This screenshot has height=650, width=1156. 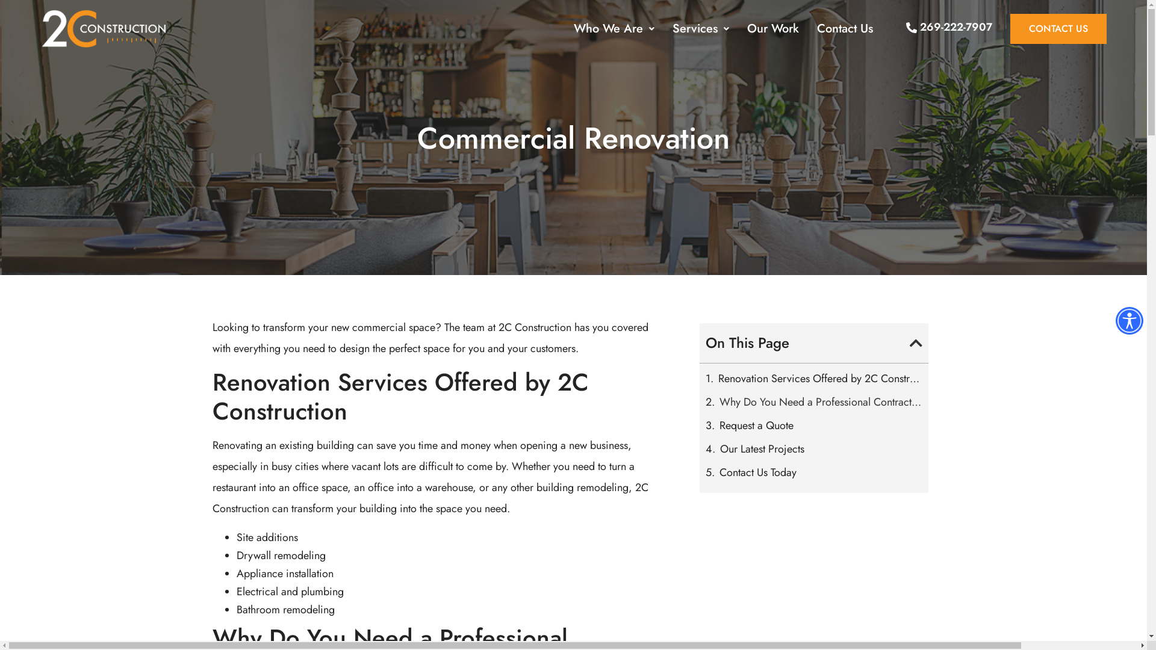 What do you see at coordinates (762, 448) in the screenshot?
I see `'Our Latest Projects'` at bounding box center [762, 448].